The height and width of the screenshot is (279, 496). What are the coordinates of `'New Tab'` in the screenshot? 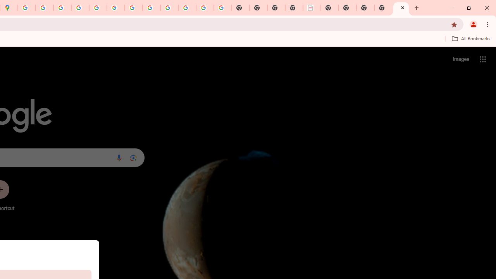 It's located at (383, 8).